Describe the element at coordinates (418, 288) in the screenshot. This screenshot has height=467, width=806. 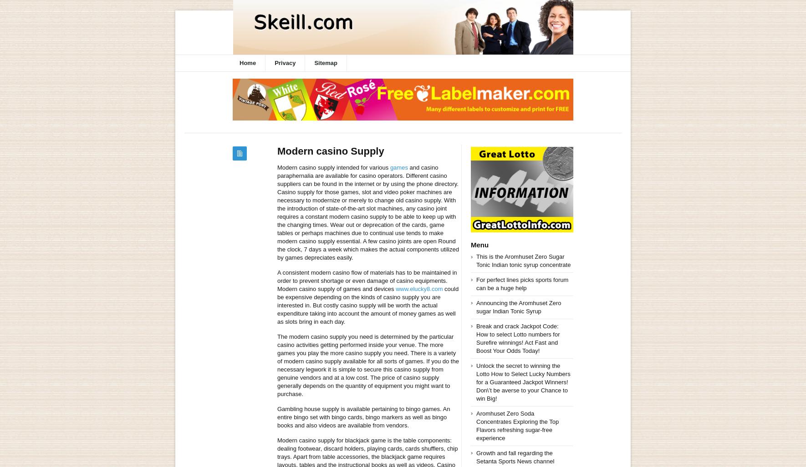
I see `'www.elucky8.com'` at that location.